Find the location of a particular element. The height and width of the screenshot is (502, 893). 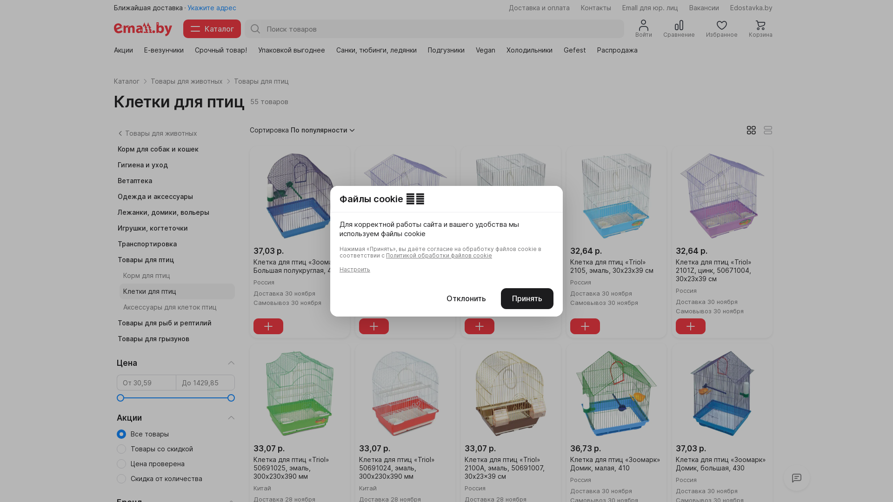

'Vegan' is located at coordinates (484, 50).